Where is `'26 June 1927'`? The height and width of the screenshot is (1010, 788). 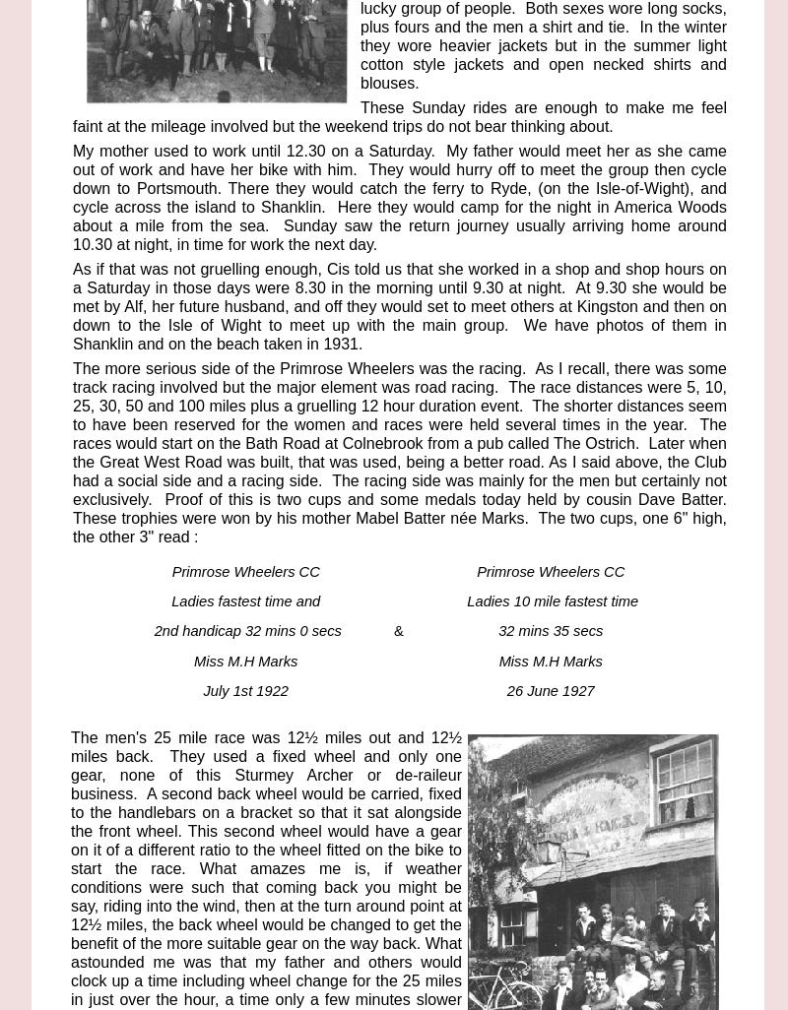 '26 June 1927' is located at coordinates (505, 688).